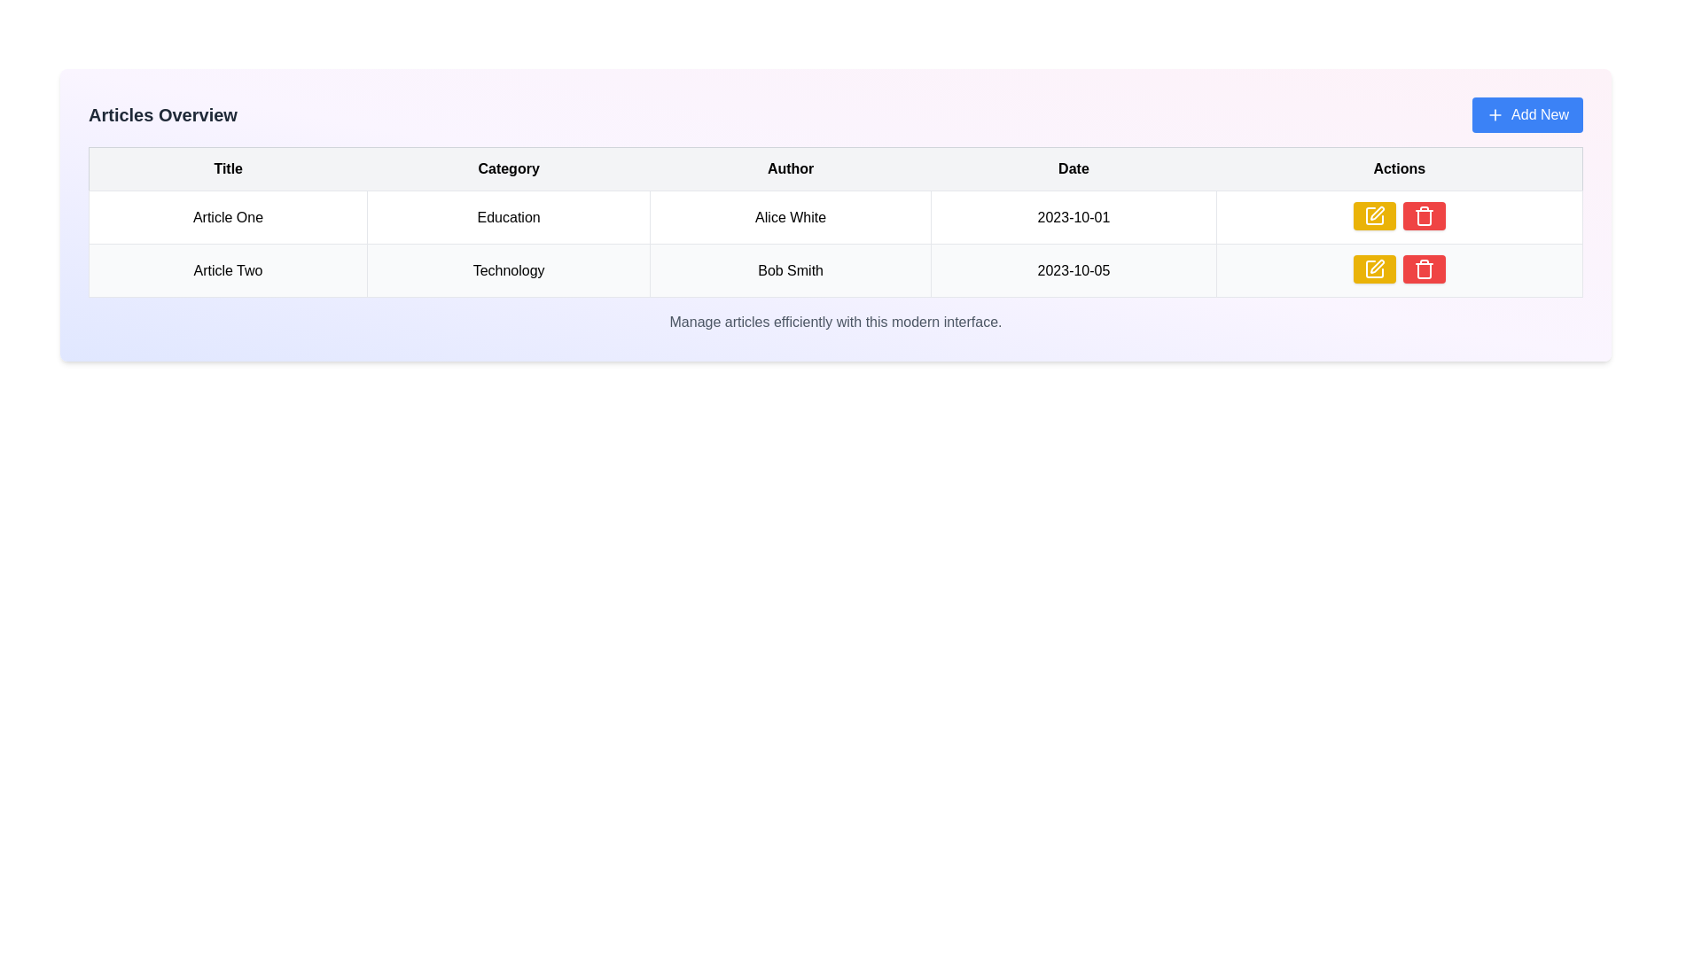  I want to click on the 'Title' table header cell, which is the first column header in a tabular layout, so click(227, 169).